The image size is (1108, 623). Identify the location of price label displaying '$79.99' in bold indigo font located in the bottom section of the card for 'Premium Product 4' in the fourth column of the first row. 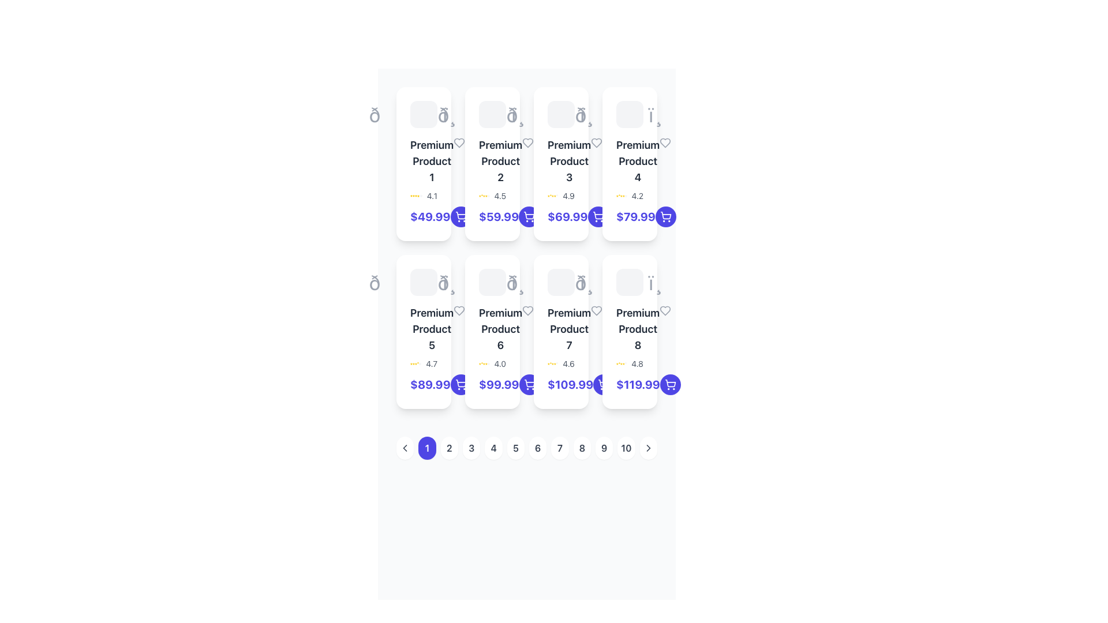
(629, 216).